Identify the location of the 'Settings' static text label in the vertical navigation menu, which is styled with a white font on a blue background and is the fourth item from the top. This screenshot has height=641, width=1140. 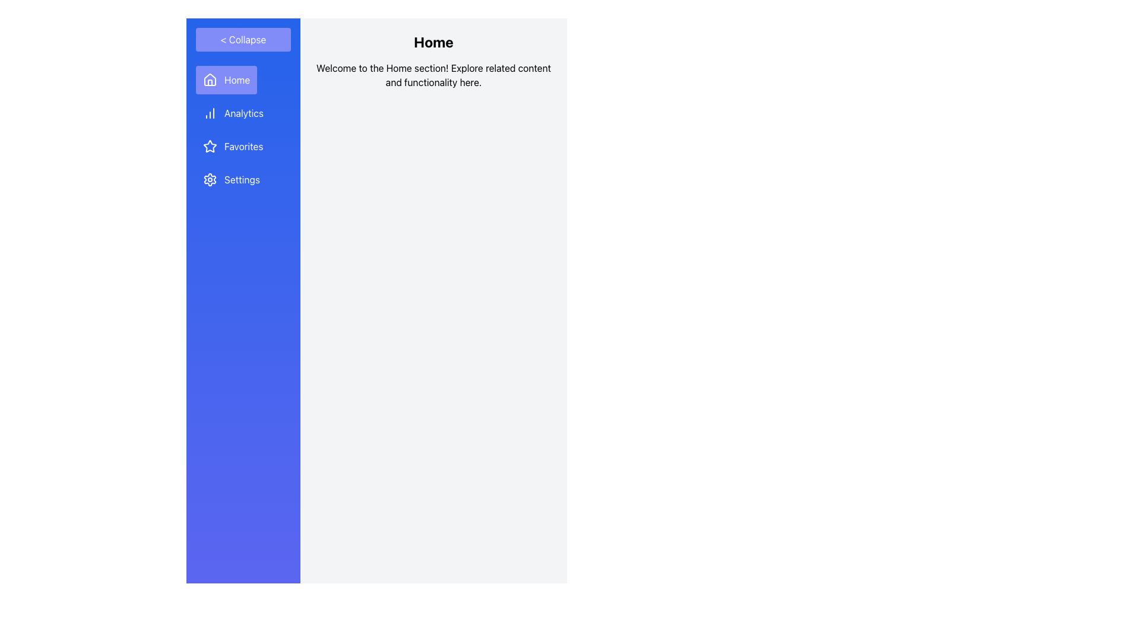
(242, 180).